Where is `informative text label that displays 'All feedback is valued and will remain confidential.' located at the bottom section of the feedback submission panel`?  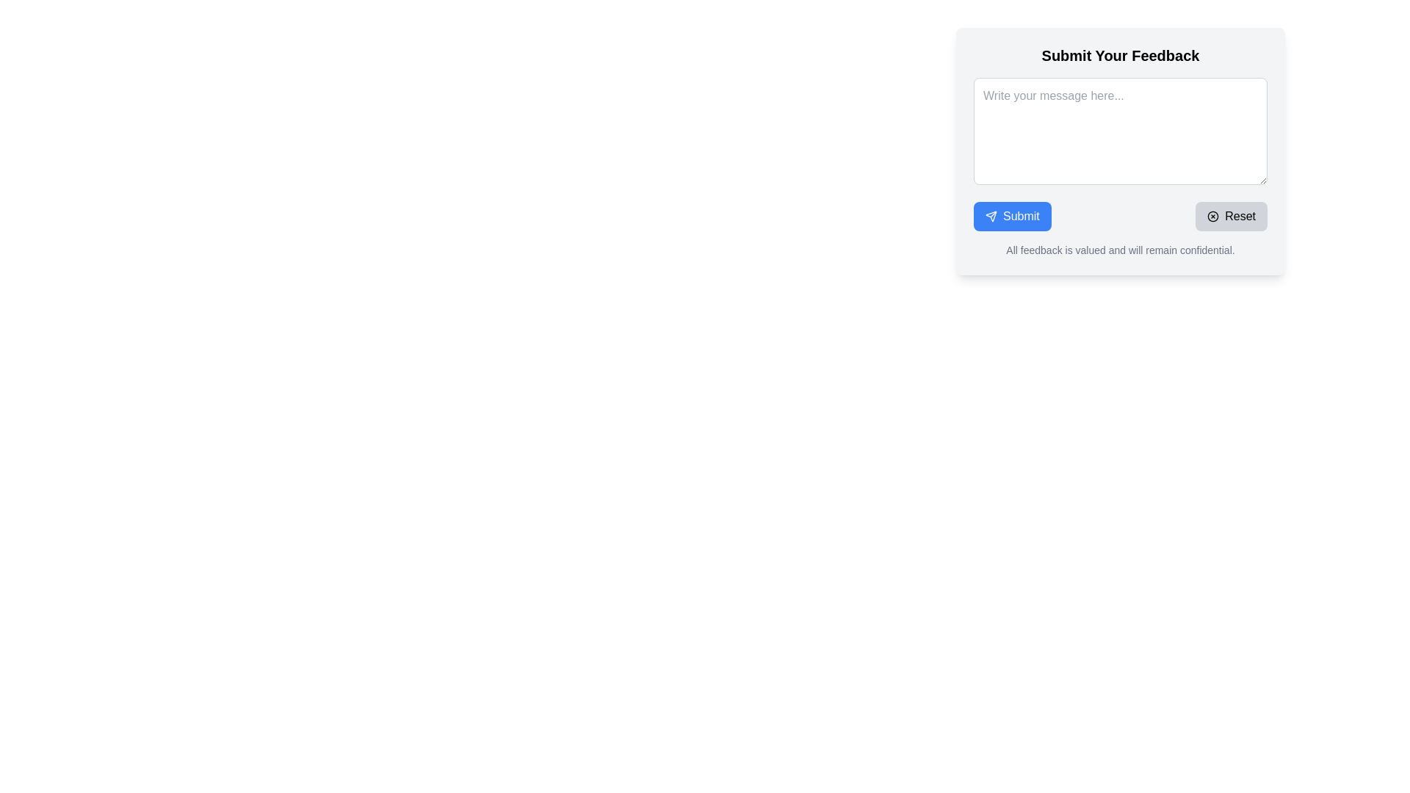
informative text label that displays 'All feedback is valued and will remain confidential.' located at the bottom section of the feedback submission panel is located at coordinates (1120, 249).